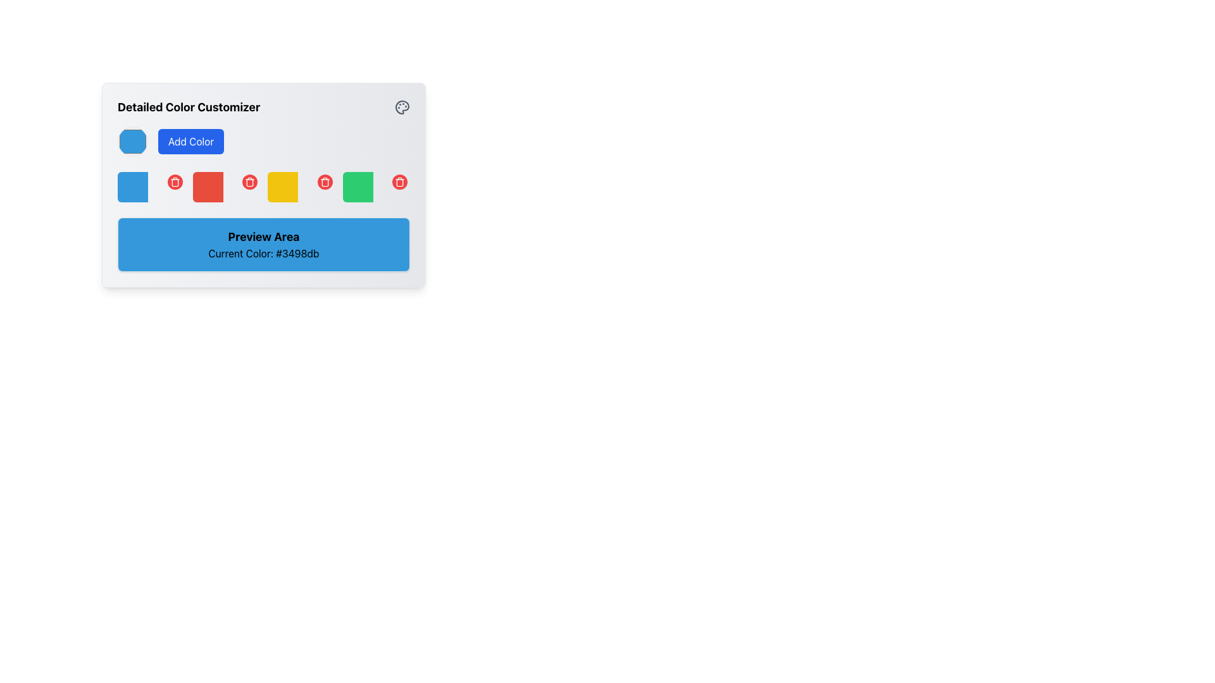 Image resolution: width=1215 pixels, height=683 pixels. Describe the element at coordinates (190, 141) in the screenshot. I see `the 'Add Color' button, which is a rectangular button with rounded corners, blue background, and white text, located to the right of a circular color indicator` at that location.